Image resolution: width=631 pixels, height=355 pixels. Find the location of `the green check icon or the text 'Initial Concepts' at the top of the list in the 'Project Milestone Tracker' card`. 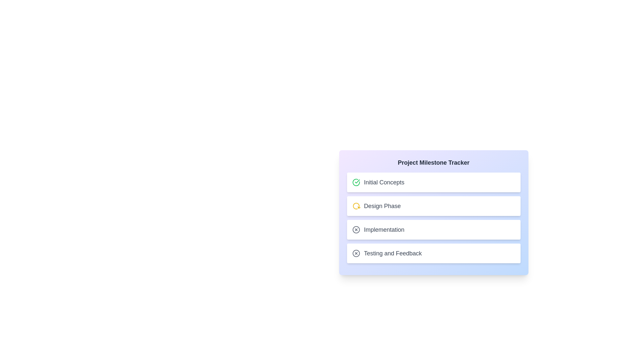

the green check icon or the text 'Initial Concepts' at the top of the list in the 'Project Milestone Tracker' card is located at coordinates (378, 182).